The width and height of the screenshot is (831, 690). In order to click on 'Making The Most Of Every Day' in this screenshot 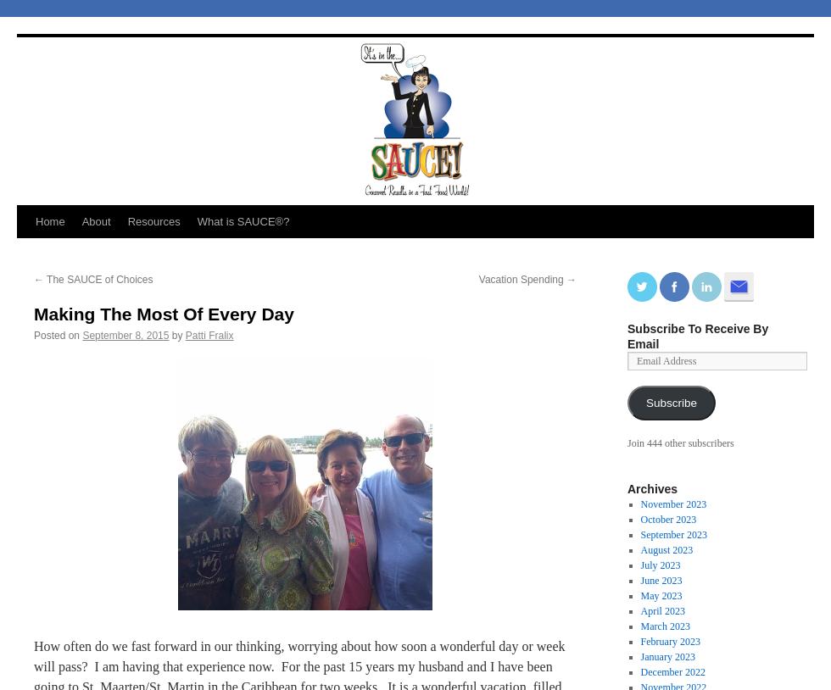, I will do `click(33, 314)`.